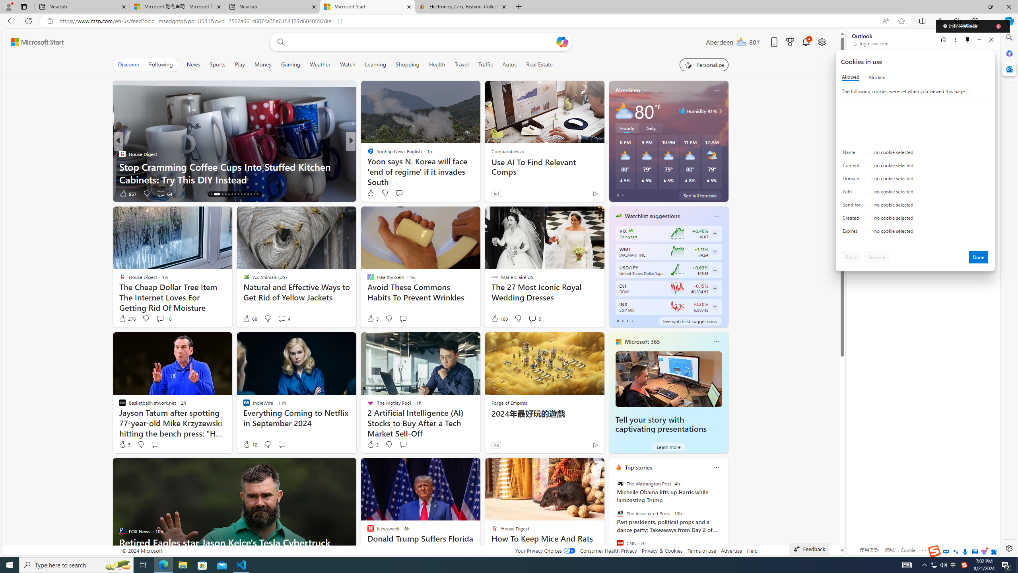 Image resolution: width=1018 pixels, height=573 pixels. I want to click on 'My location', so click(645, 90).